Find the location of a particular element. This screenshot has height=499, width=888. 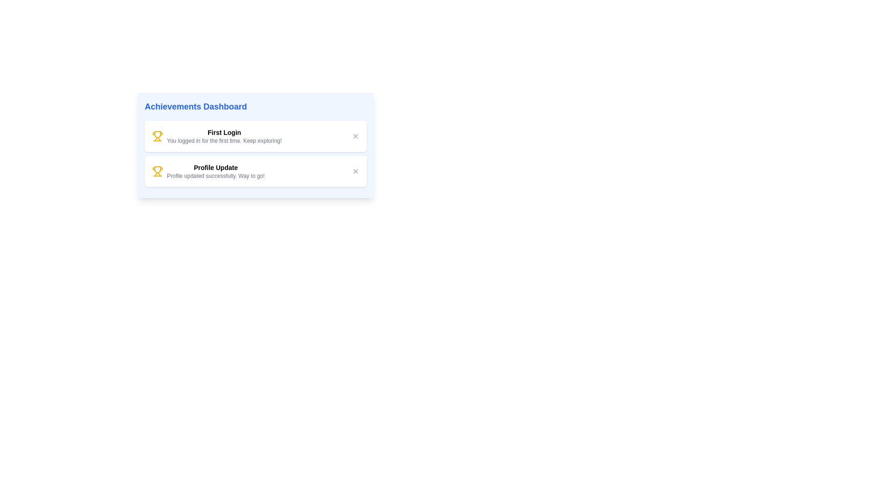

the Decorative Icon located on the left side of the 'Profile Update' section in the Achievements Dashboard, which signifies 'Profile Update' is located at coordinates (157, 136).